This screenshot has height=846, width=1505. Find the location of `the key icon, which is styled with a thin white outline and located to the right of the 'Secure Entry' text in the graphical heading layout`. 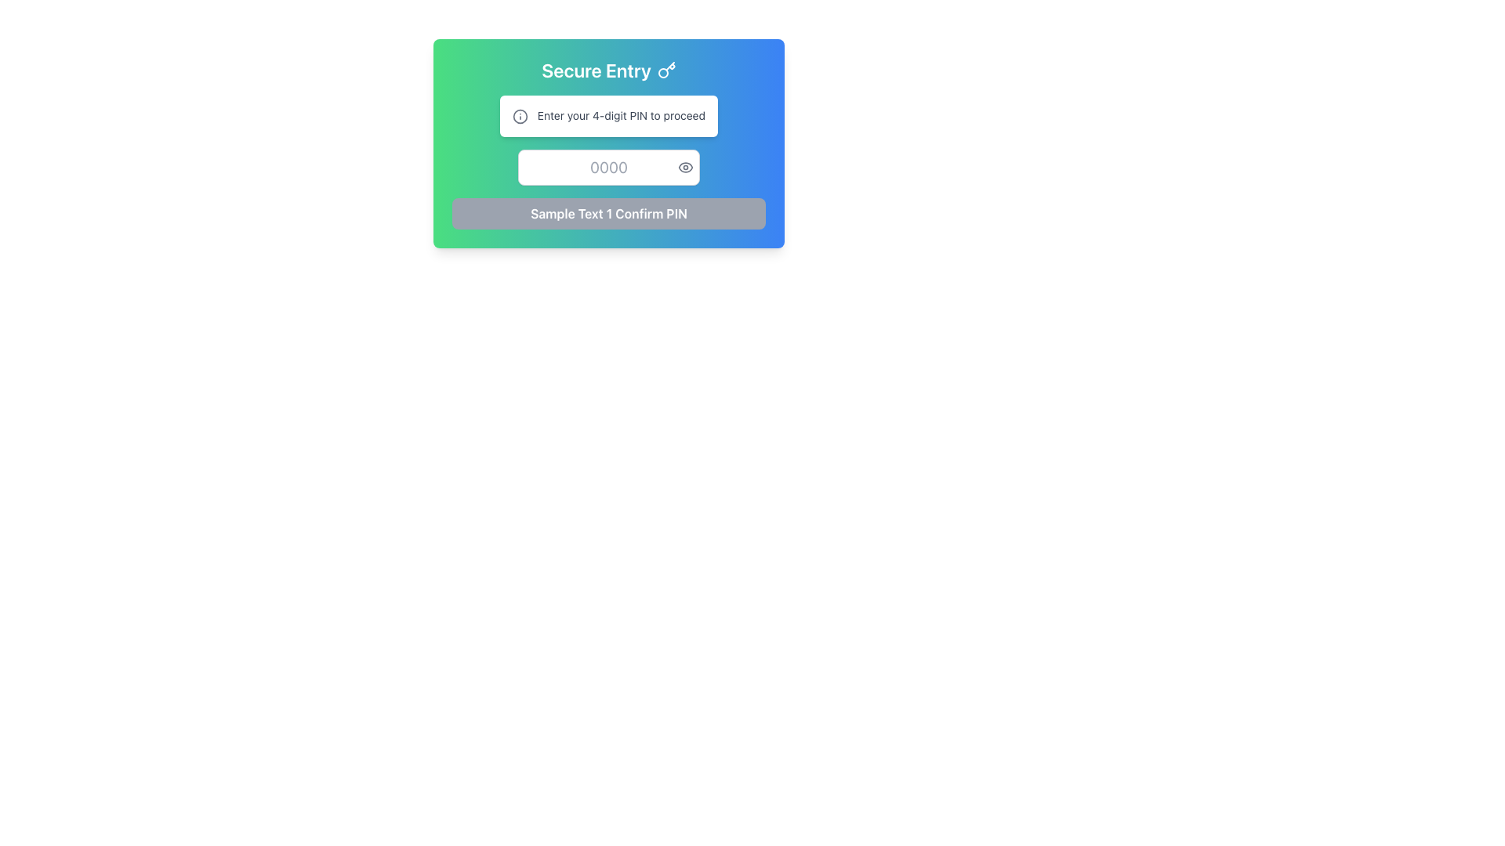

the key icon, which is styled with a thin white outline and located to the right of the 'Secure Entry' text in the graphical heading layout is located at coordinates (666, 69).